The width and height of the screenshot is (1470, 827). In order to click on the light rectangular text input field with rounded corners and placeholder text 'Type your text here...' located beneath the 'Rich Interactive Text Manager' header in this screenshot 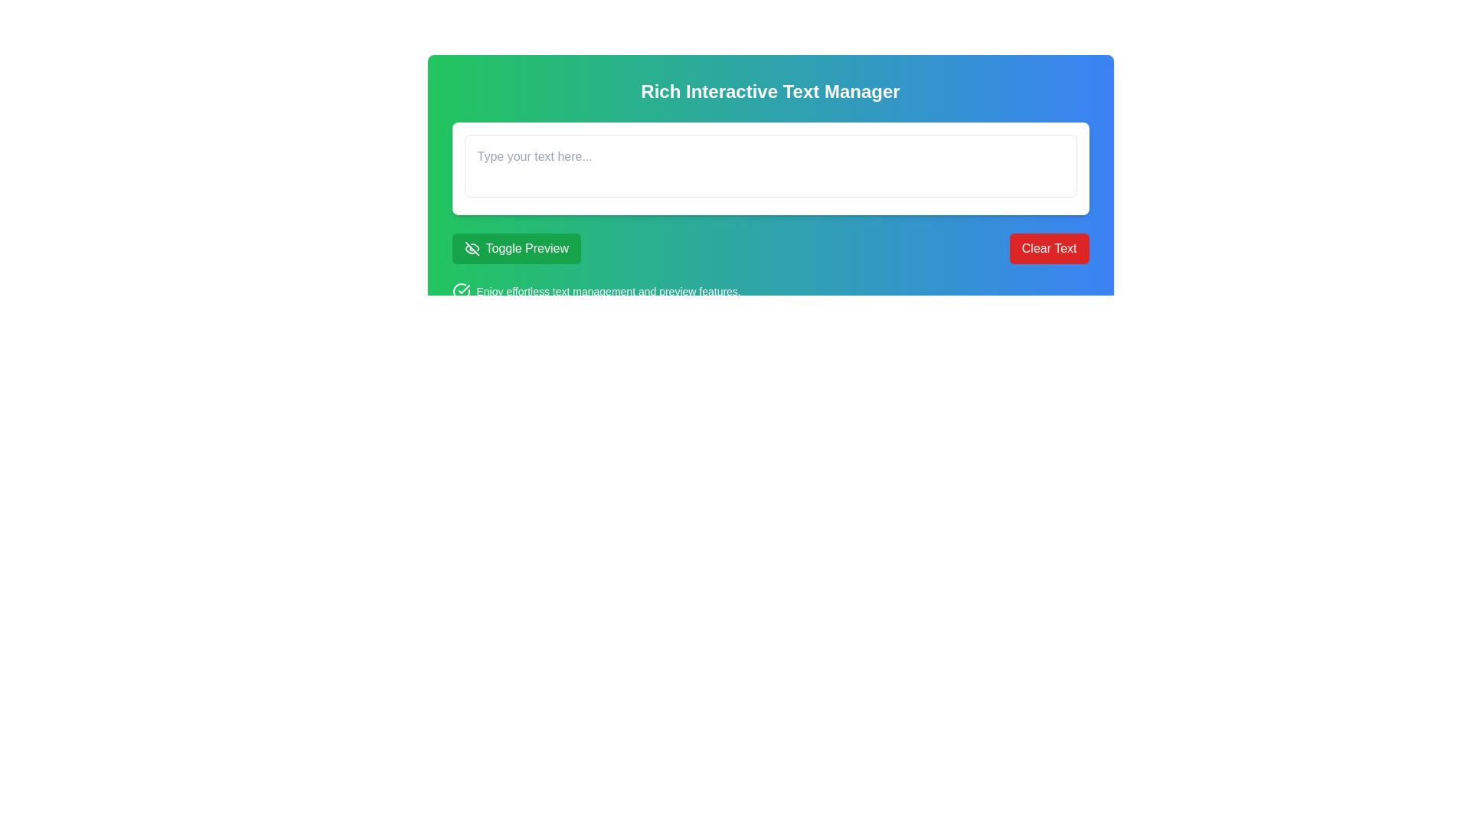, I will do `click(770, 211)`.